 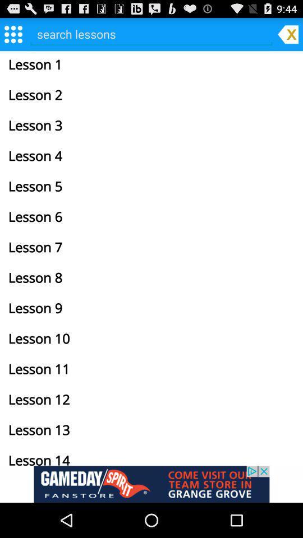 I want to click on close/return the page, so click(x=288, y=33).